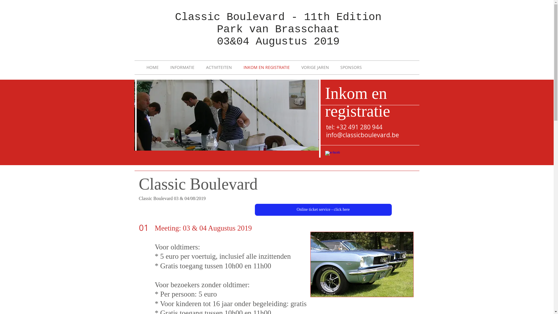 This screenshot has width=558, height=314. What do you see at coordinates (353, 67) in the screenshot?
I see `'SPONSORS'` at bounding box center [353, 67].